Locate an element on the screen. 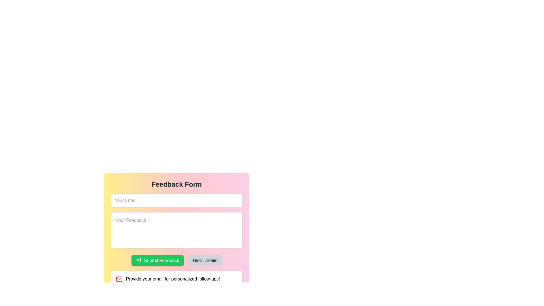 The width and height of the screenshot is (544, 306). the Informational panel located at the bottom of the Feedback Form area, which provides additional information related to email input for follow-ups is located at coordinates (176, 279).